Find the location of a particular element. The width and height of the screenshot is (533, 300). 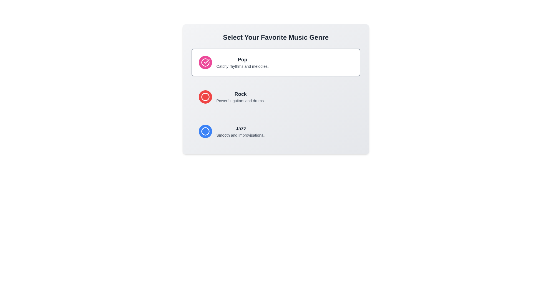

the text block displaying 'Pop' and 'Catchy rhythms and melodies.' which is located at the top of a vertically stacked list within a music genre selection card is located at coordinates (242, 62).